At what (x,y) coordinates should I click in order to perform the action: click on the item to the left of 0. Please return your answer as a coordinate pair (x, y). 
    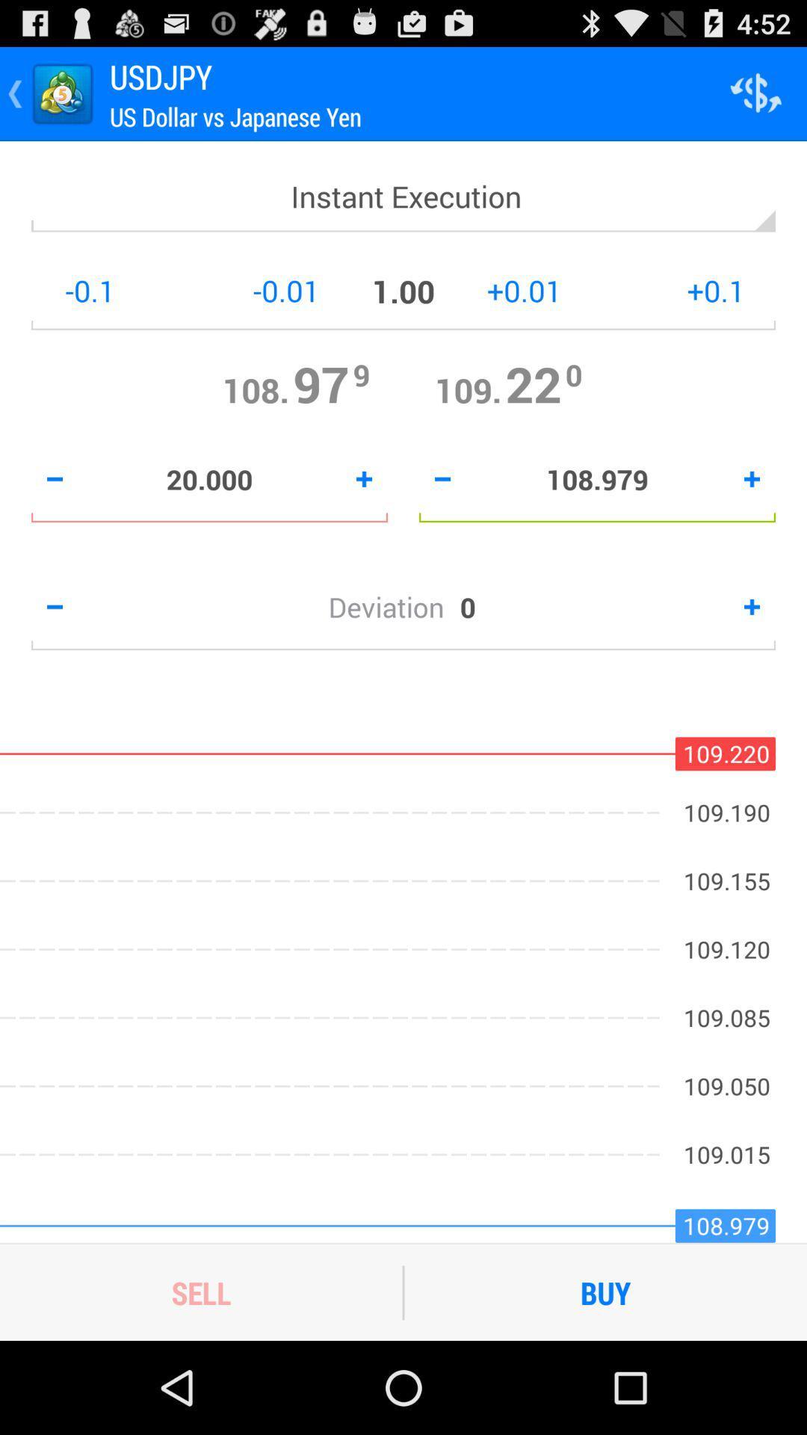
    Looking at the image, I should click on (393, 607).